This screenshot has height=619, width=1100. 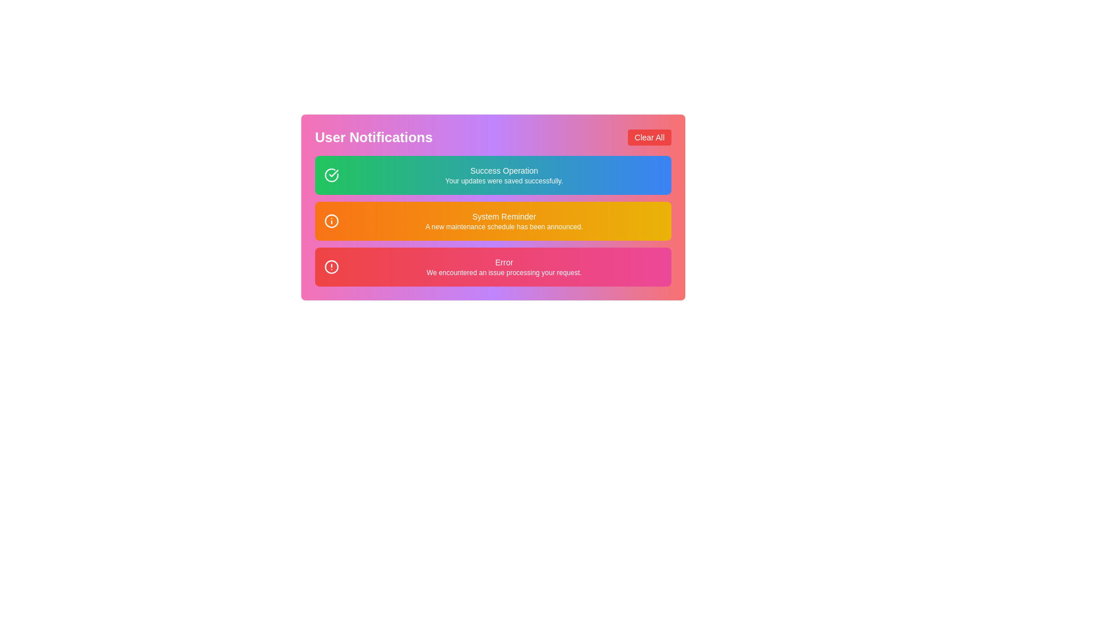 I want to click on the 'Error' text label displayed in white on a red background within the notification card, so click(x=504, y=263).